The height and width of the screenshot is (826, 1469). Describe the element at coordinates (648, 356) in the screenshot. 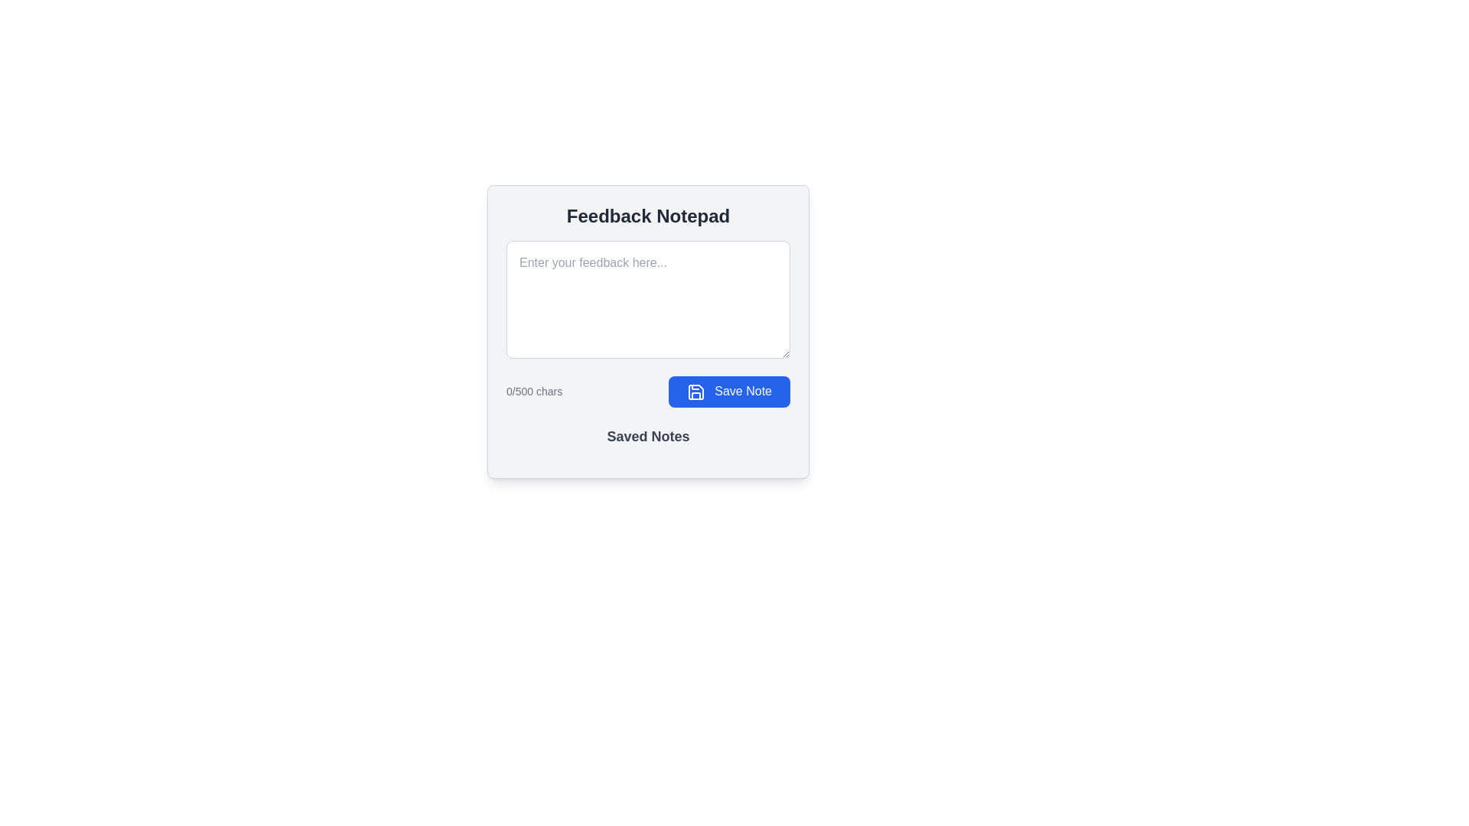

I see `the 'Feedback Notepad' composite UI component` at that location.